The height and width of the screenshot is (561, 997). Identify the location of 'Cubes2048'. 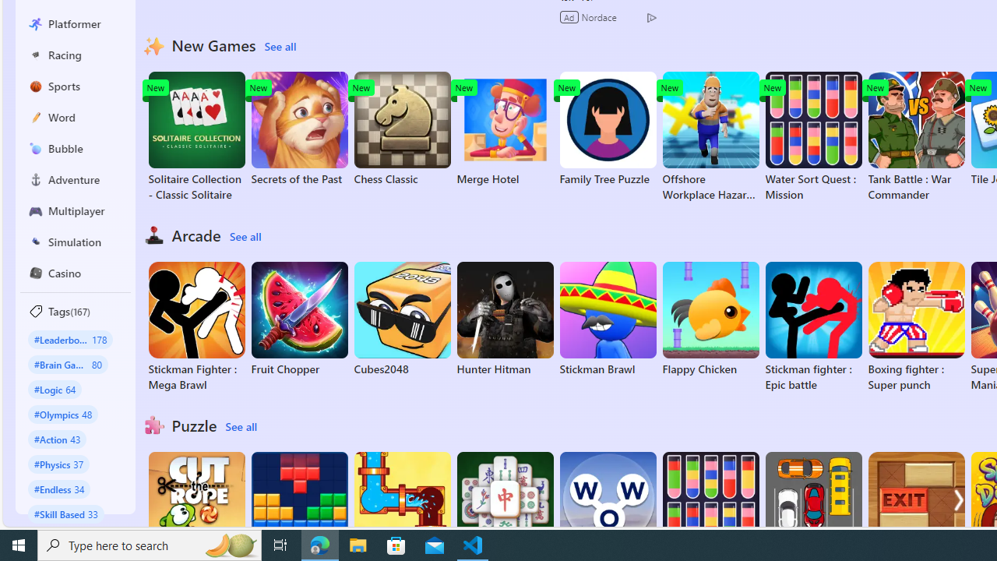
(402, 319).